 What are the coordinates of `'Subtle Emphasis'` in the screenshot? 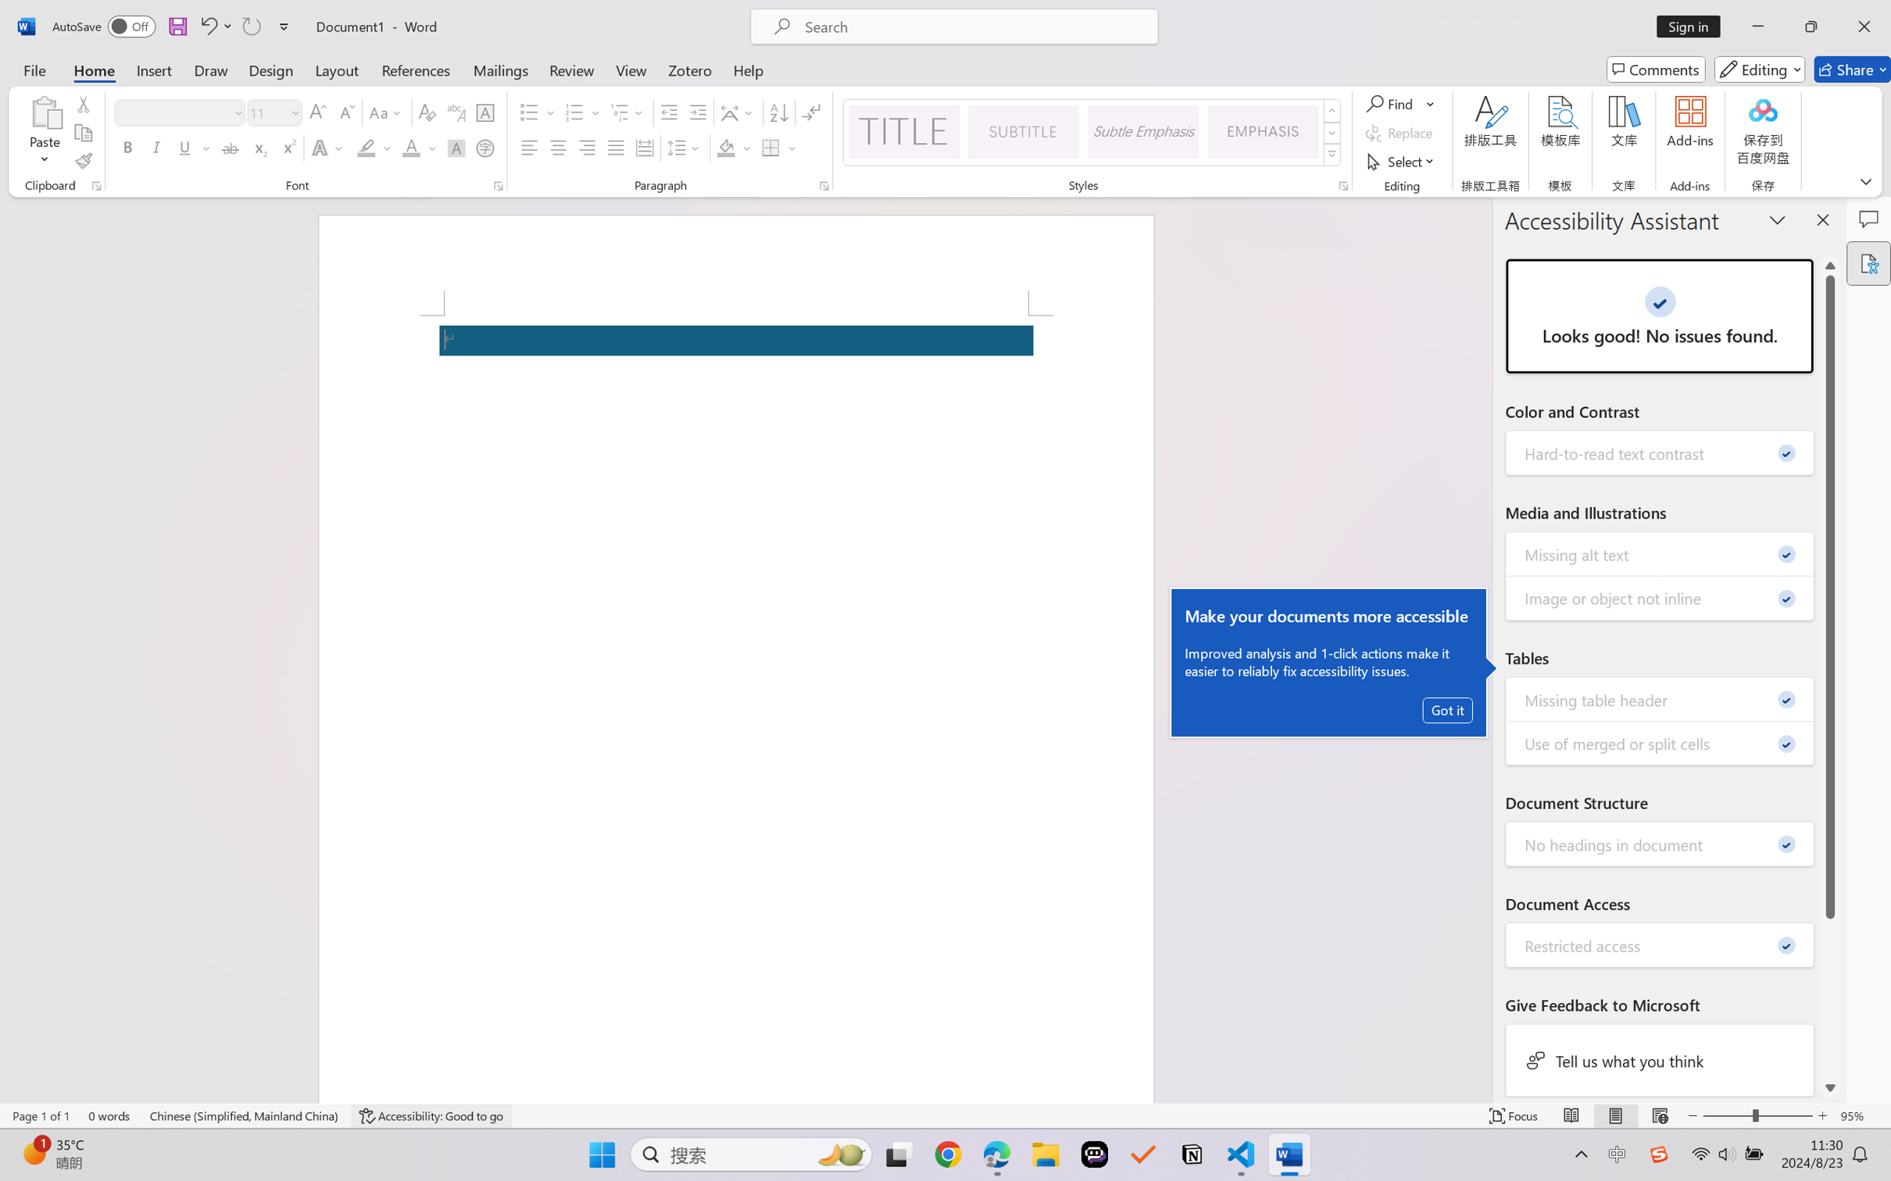 It's located at (1142, 131).